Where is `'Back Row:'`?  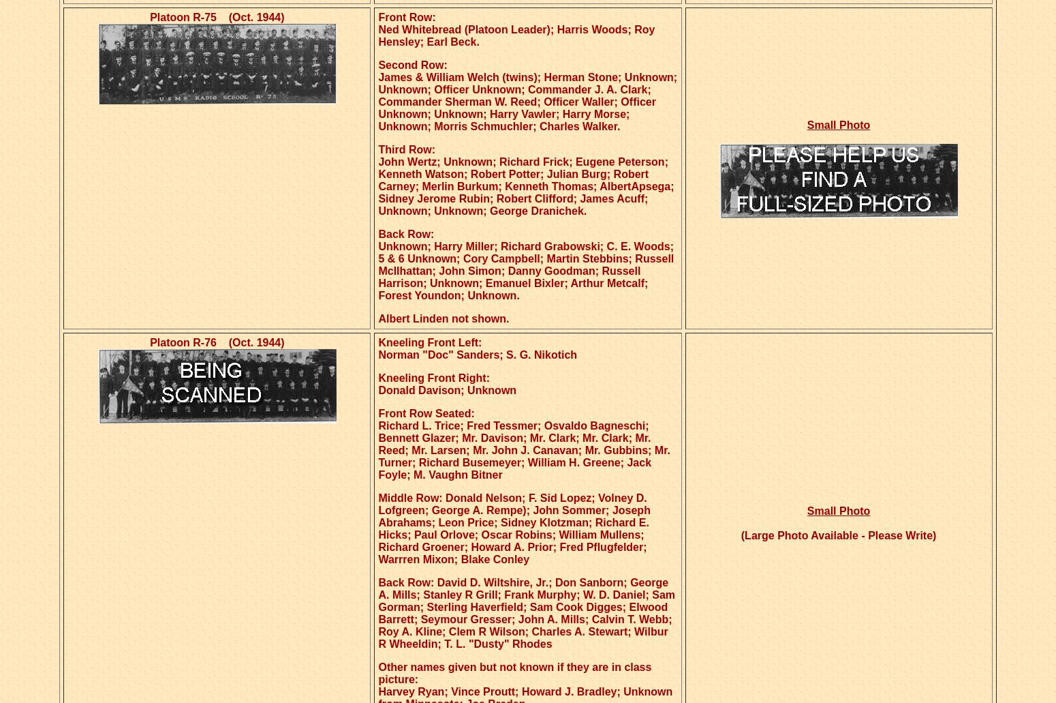
'Back Row:' is located at coordinates (405, 233).